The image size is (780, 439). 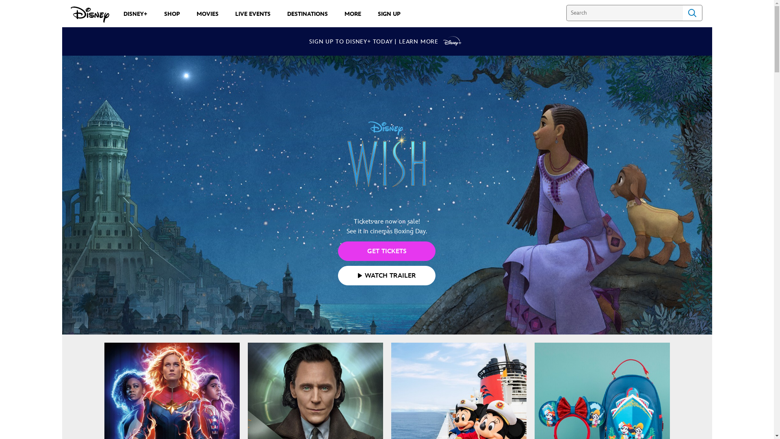 What do you see at coordinates (386, 275) in the screenshot?
I see `'WATCH TRAILER'` at bounding box center [386, 275].